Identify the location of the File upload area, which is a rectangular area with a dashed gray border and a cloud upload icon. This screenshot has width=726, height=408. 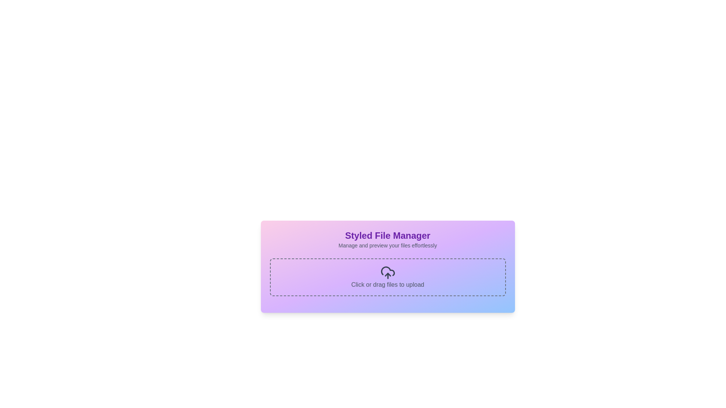
(388, 277).